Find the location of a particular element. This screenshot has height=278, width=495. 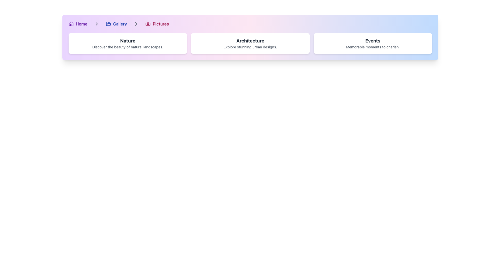

the right-pointing gray arrow icon in the breadcrumb navigation, located between the 'Gallery' and 'Pictures' sections, to interact with it if interactivity is supported is located at coordinates (136, 24).